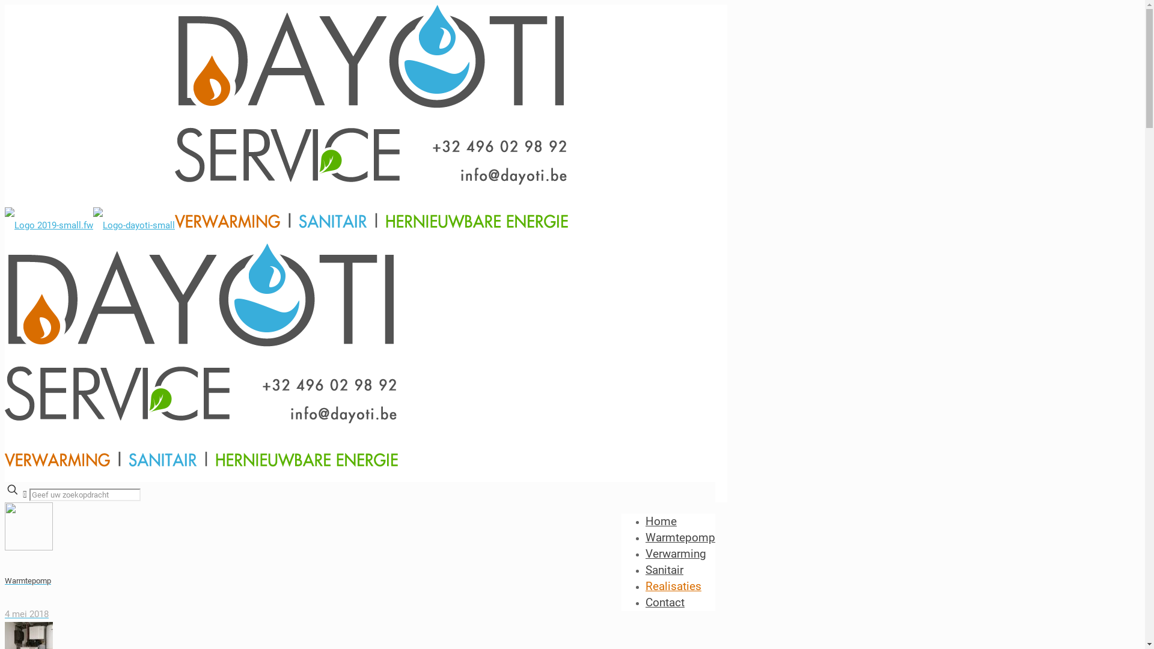 Image resolution: width=1154 pixels, height=649 pixels. I want to click on 'Home', so click(660, 520).